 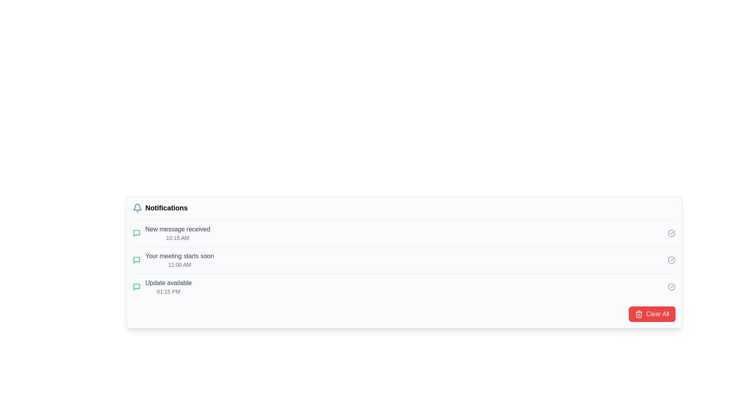 I want to click on the button located at the bottom right corner of the notification card to clear all notifications, so click(x=652, y=313).